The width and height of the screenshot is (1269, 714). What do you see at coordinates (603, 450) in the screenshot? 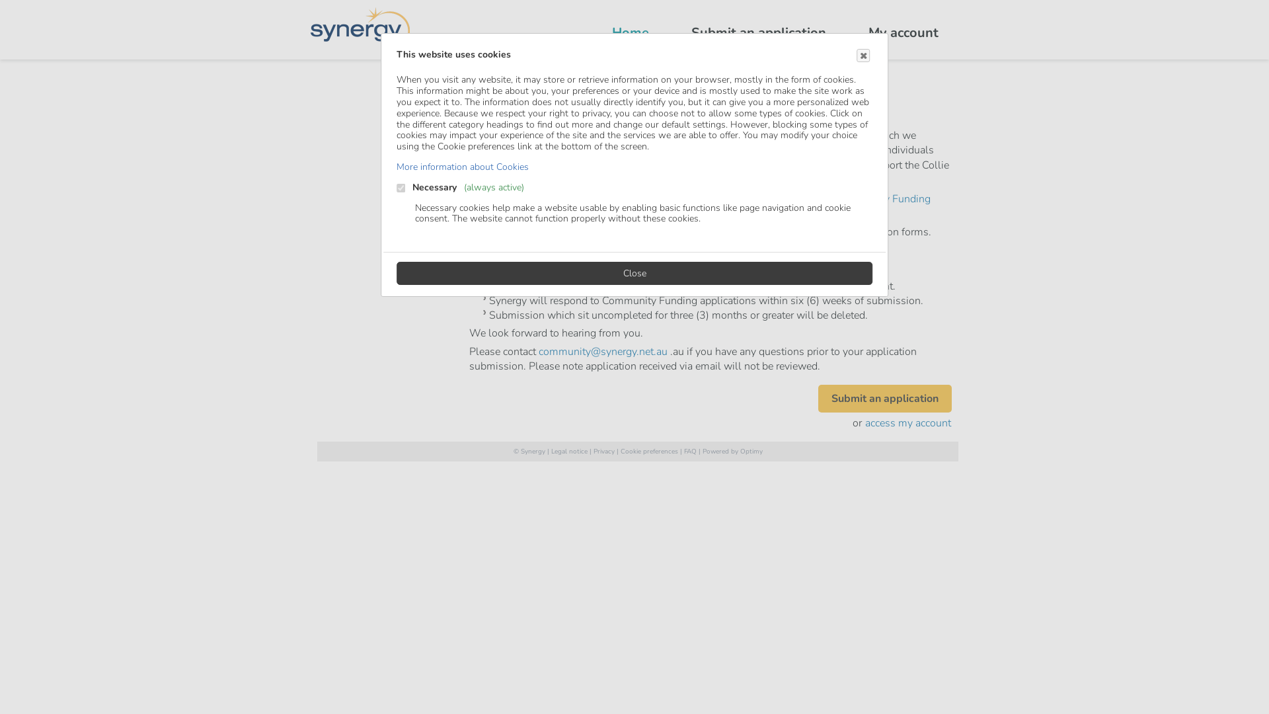
I see `'Privacy'` at bounding box center [603, 450].